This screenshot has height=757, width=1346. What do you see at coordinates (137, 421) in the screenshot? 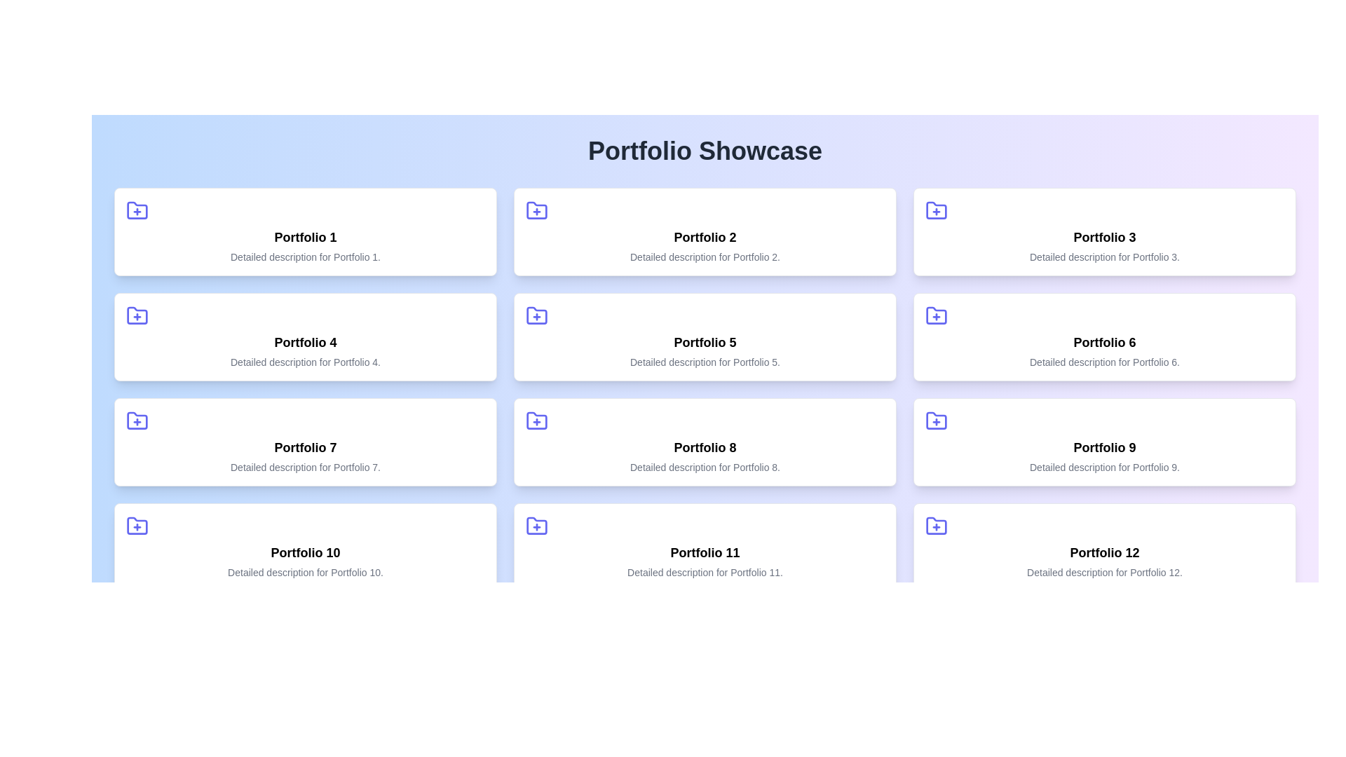
I see `the Icon Button located in the top-left corner of the 'Portfolio 7' card` at bounding box center [137, 421].